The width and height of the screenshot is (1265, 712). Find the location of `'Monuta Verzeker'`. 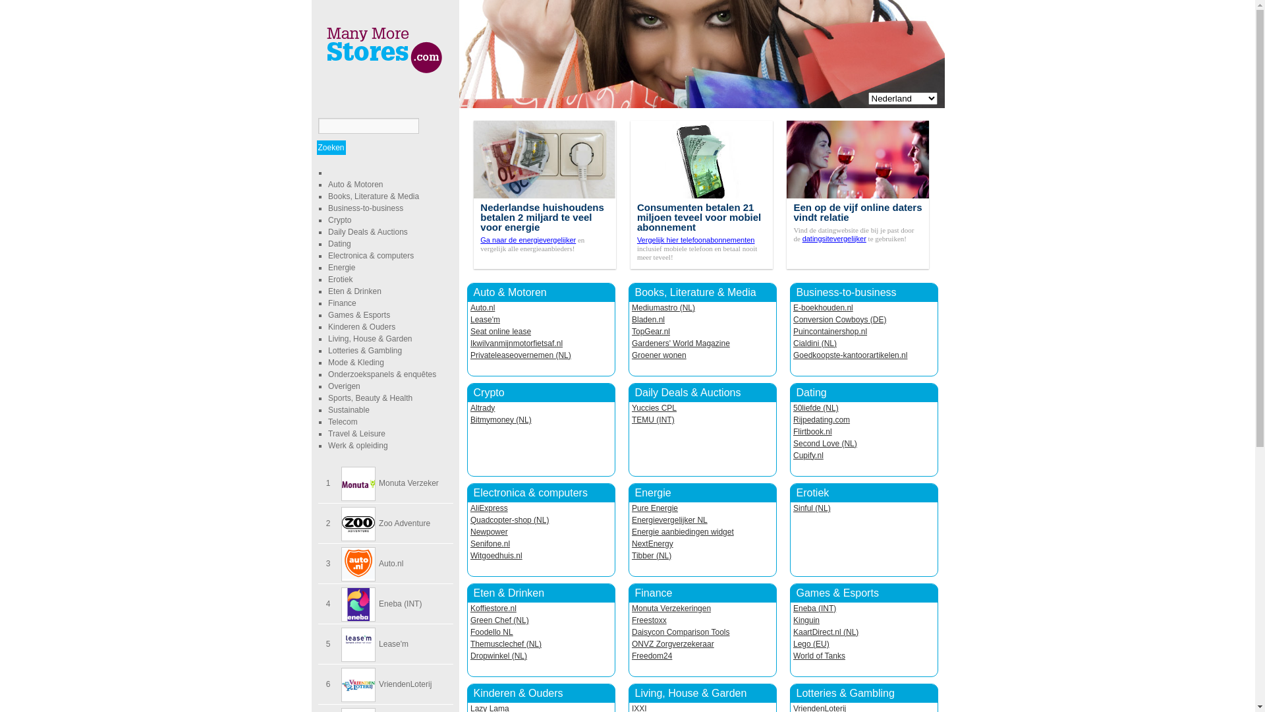

'Monuta Verzeker' is located at coordinates (408, 483).